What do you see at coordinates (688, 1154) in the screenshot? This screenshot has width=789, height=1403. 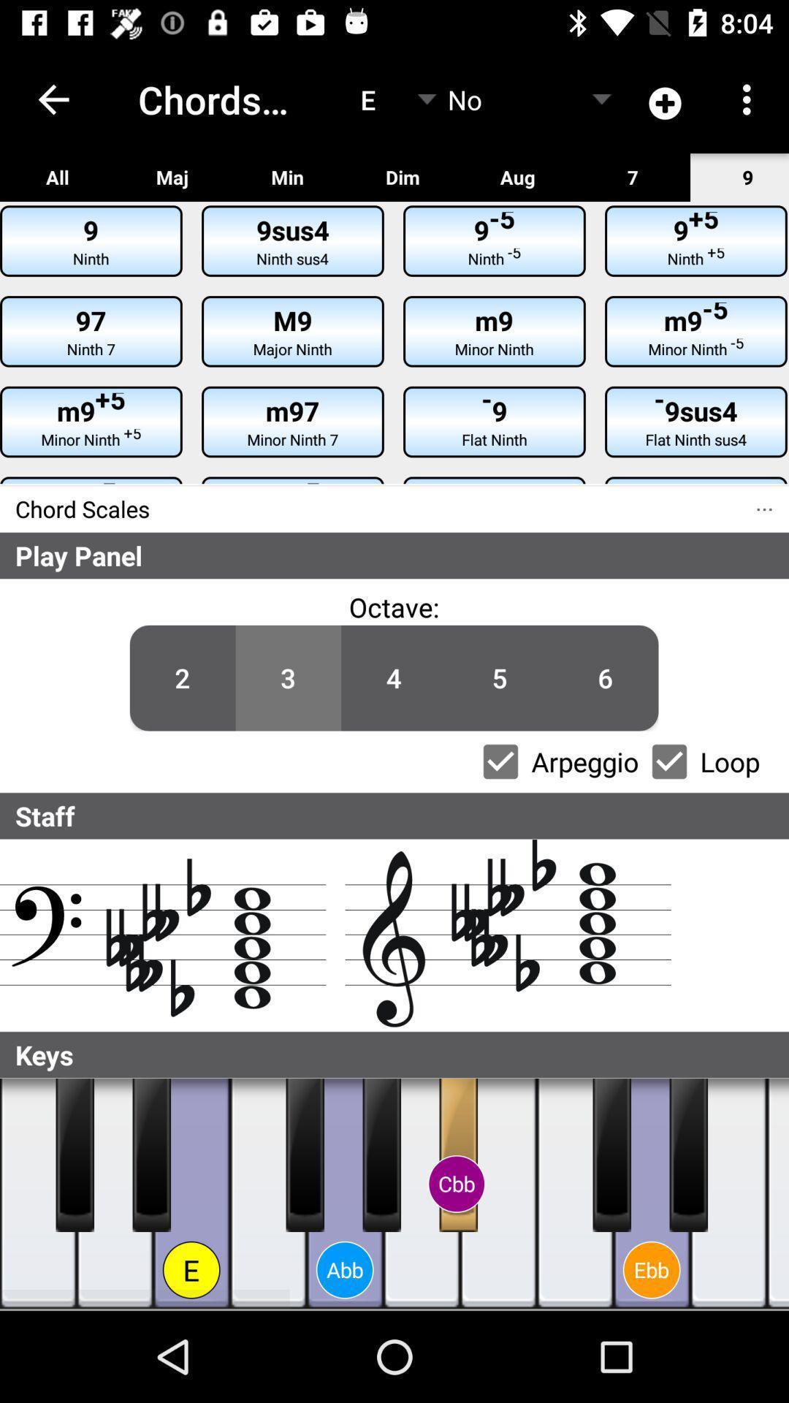 I see `black key on piano keyboard` at bounding box center [688, 1154].